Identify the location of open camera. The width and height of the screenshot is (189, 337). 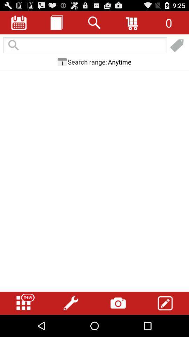
(118, 303).